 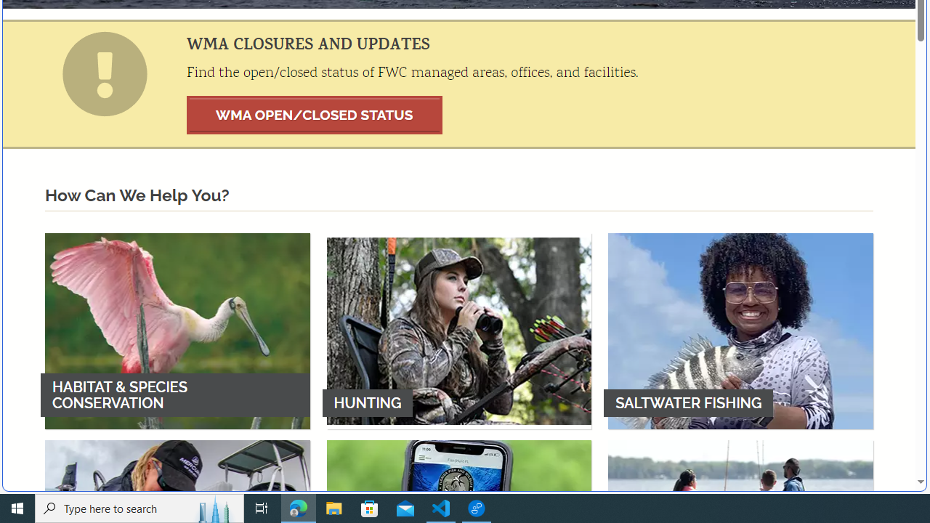 What do you see at coordinates (458, 331) in the screenshot?
I see `'HUNTING'` at bounding box center [458, 331].